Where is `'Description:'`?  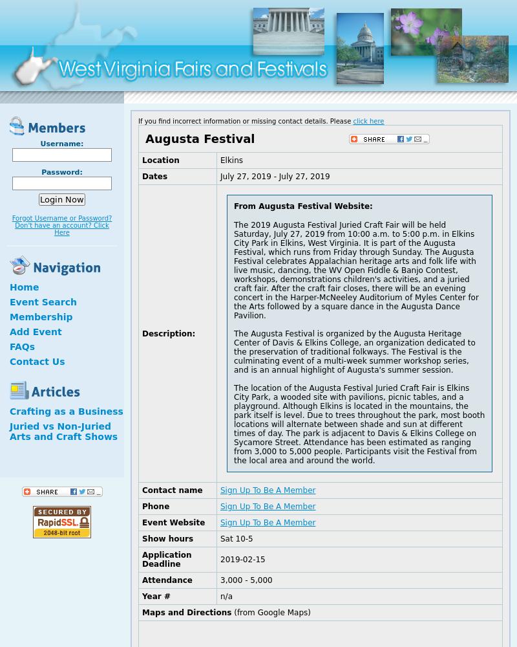
'Description:' is located at coordinates (168, 333).